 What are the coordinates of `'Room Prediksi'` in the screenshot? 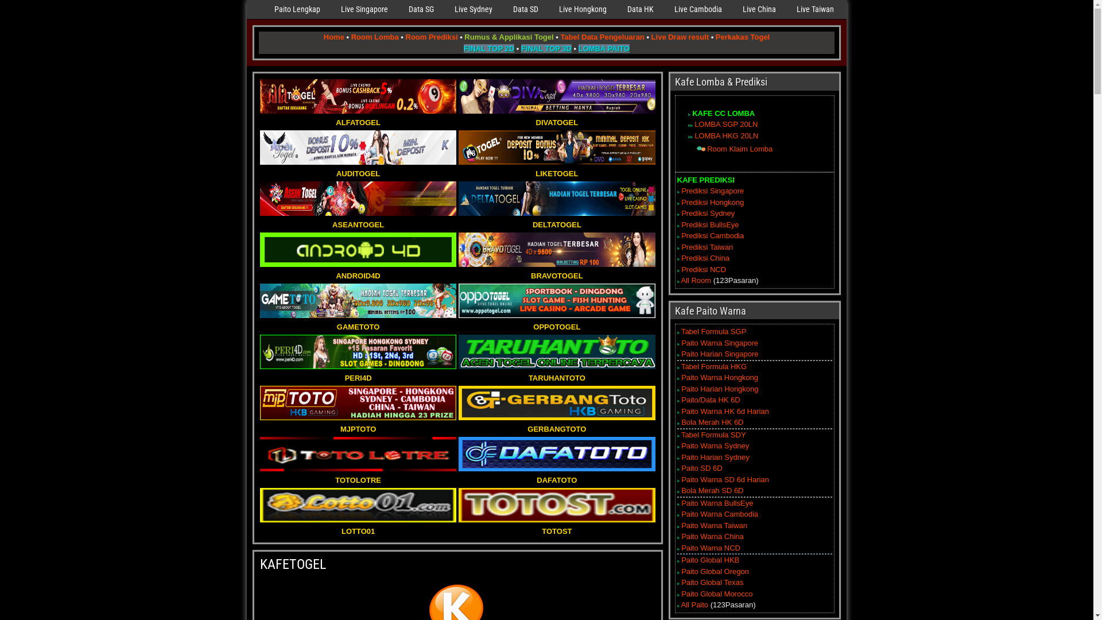 It's located at (430, 36).